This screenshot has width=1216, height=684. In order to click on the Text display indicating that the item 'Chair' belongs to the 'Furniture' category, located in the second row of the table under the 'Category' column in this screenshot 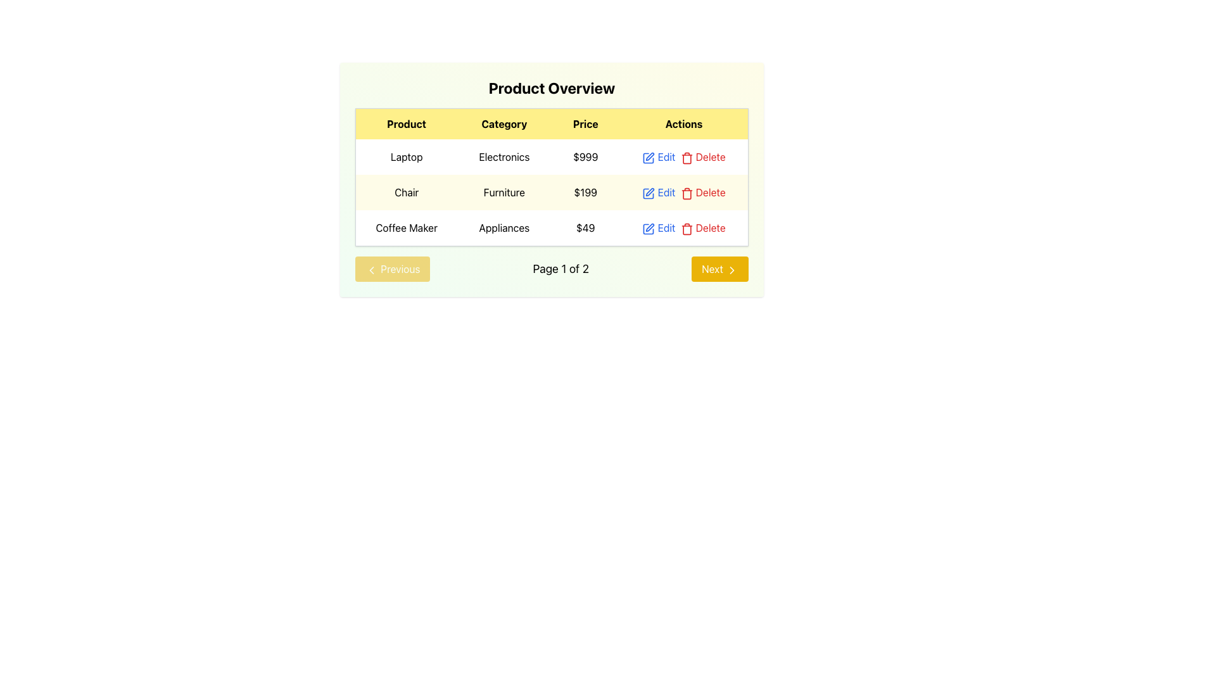, I will do `click(503, 193)`.